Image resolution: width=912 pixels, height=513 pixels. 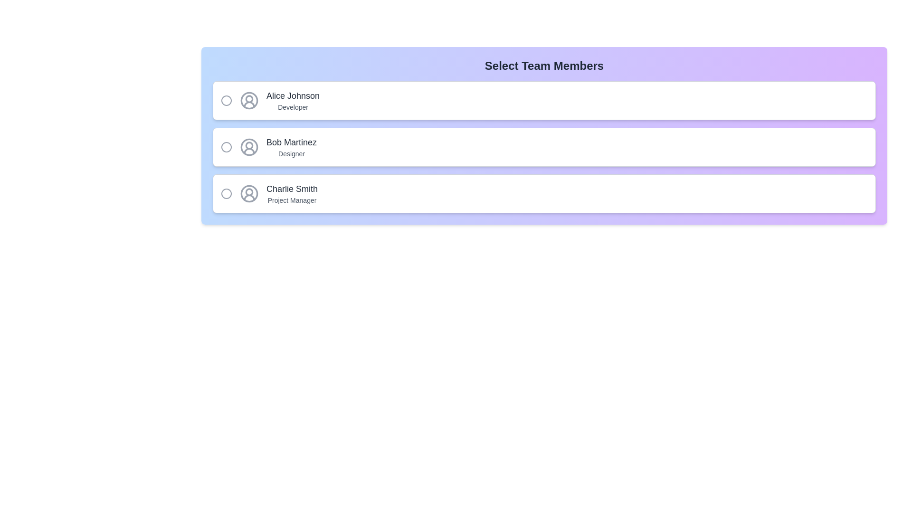 What do you see at coordinates (249, 101) in the screenshot?
I see `the user profile icon representing 'Alice Johnson, Developer', located to the left of the text content and next to the selection radio button` at bounding box center [249, 101].